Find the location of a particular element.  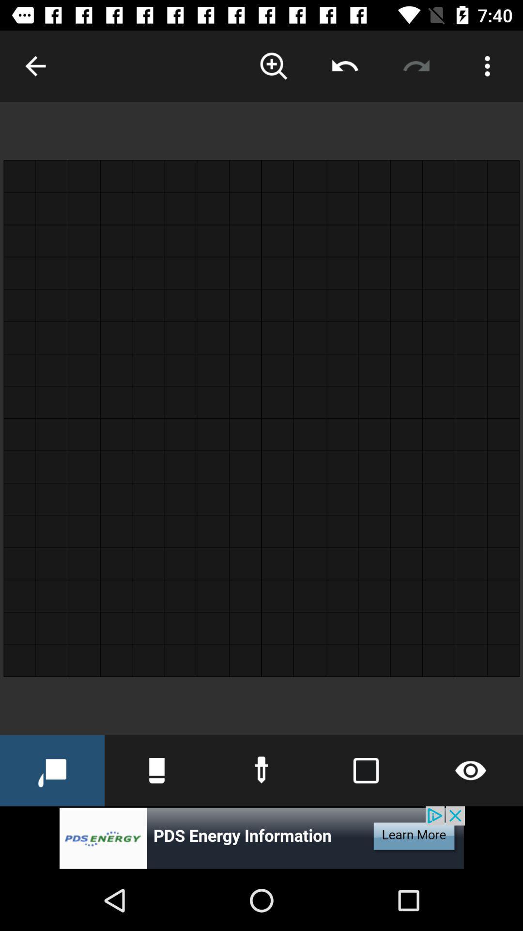

undo action is located at coordinates (344, 65).